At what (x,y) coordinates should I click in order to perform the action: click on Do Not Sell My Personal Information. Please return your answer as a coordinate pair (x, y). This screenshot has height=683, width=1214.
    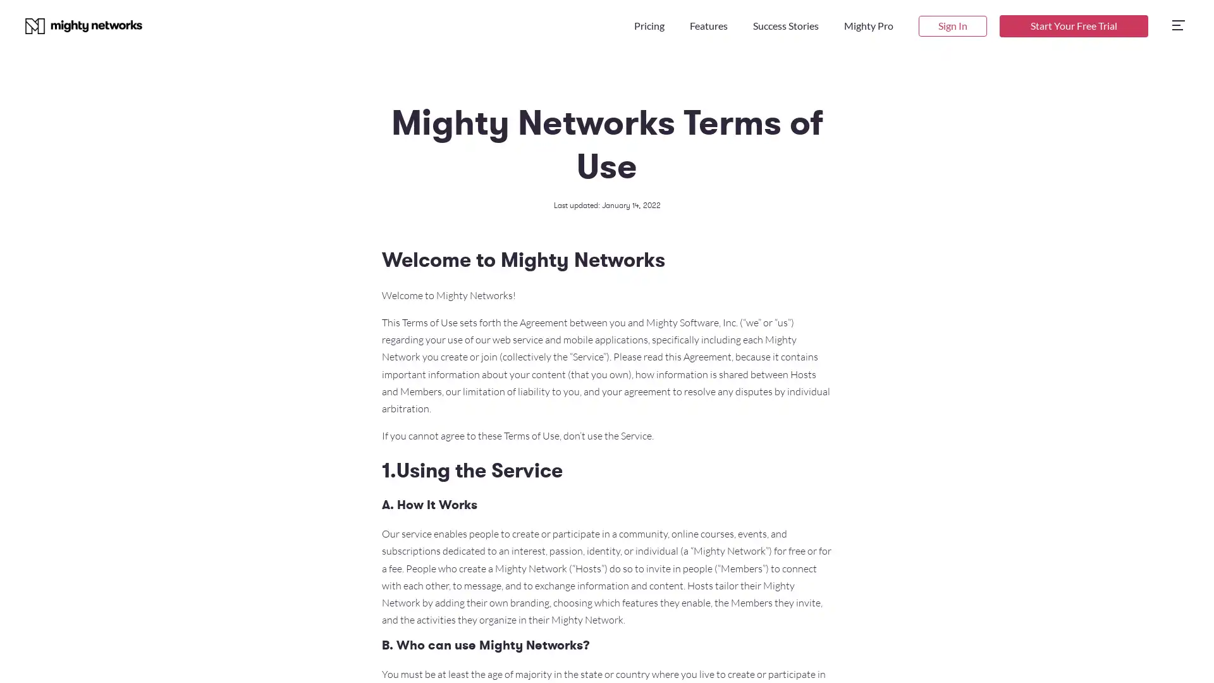
    Looking at the image, I should click on (885, 655).